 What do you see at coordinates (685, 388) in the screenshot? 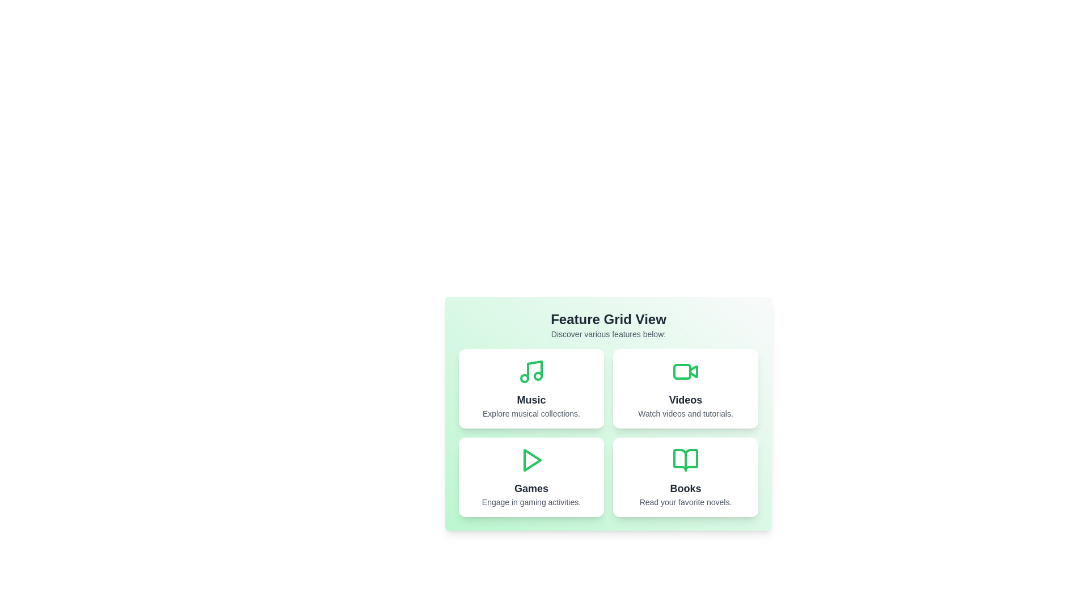
I see `the Videos card to observe its hover effect` at bounding box center [685, 388].